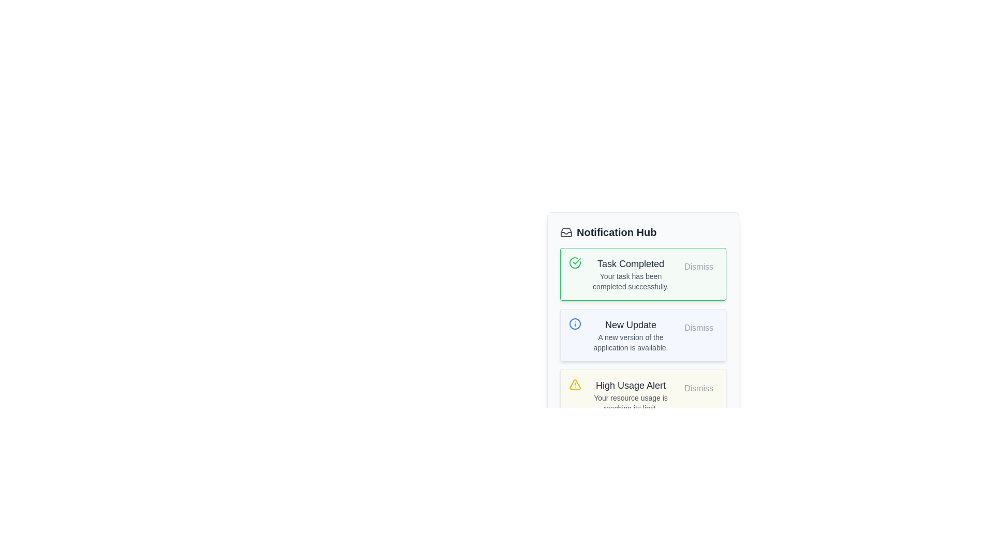  I want to click on information on the Notification card regarding resource usage limits and take necessary actions, located within the 'Notification Hub' as the third notification item, so click(642, 364).